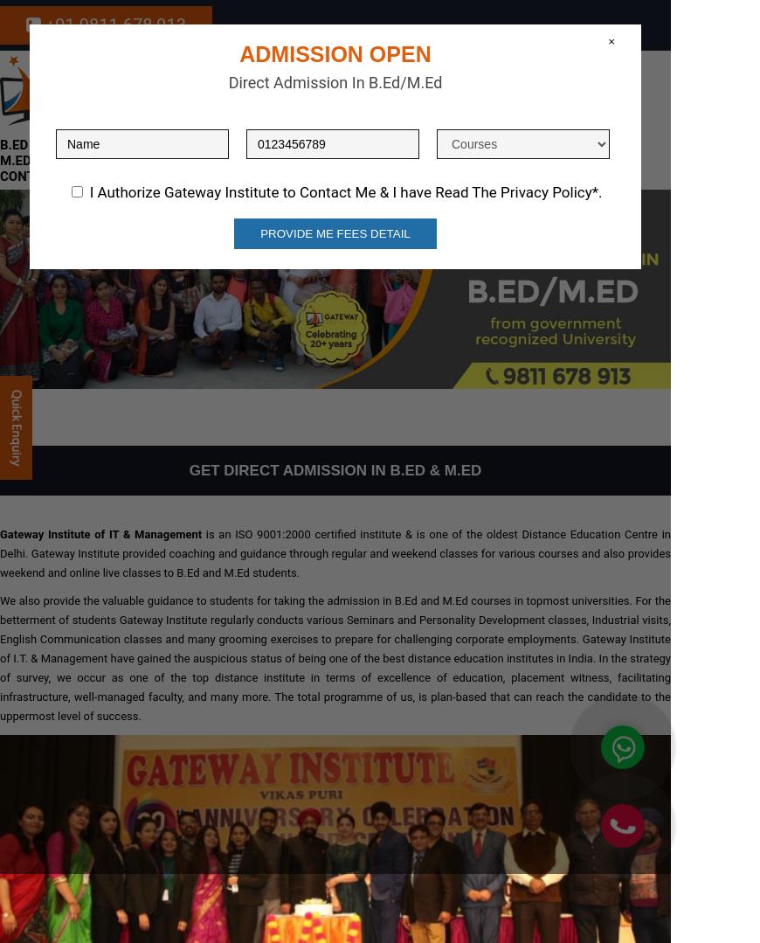 Image resolution: width=760 pixels, height=943 pixels. What do you see at coordinates (28, 176) in the screenshot?
I see `'Contact'` at bounding box center [28, 176].